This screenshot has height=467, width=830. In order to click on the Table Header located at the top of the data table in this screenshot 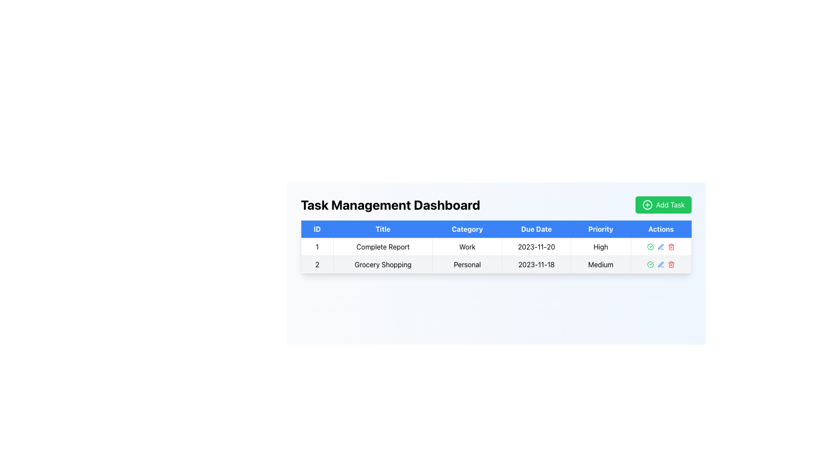, I will do `click(496, 228)`.